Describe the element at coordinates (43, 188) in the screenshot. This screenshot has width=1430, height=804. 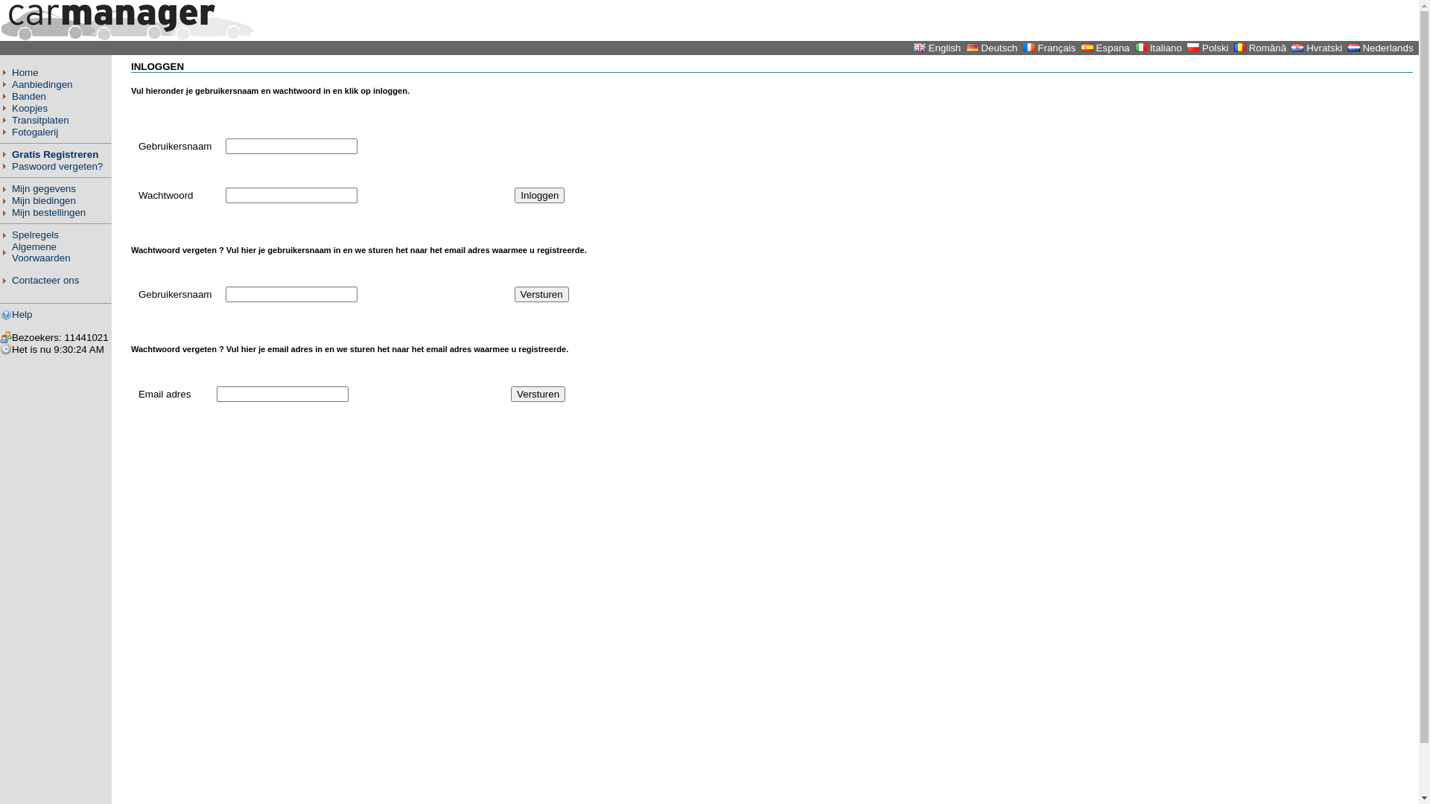
I see `'Mijn gegevens'` at that location.